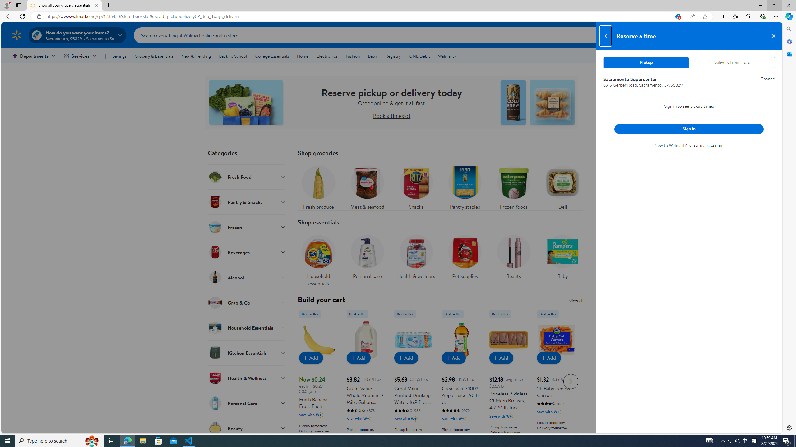 Image resolution: width=796 pixels, height=447 pixels. What do you see at coordinates (311, 358) in the screenshot?
I see `'Add to cart - Fresh Banana Fruit, Each'` at bounding box center [311, 358].